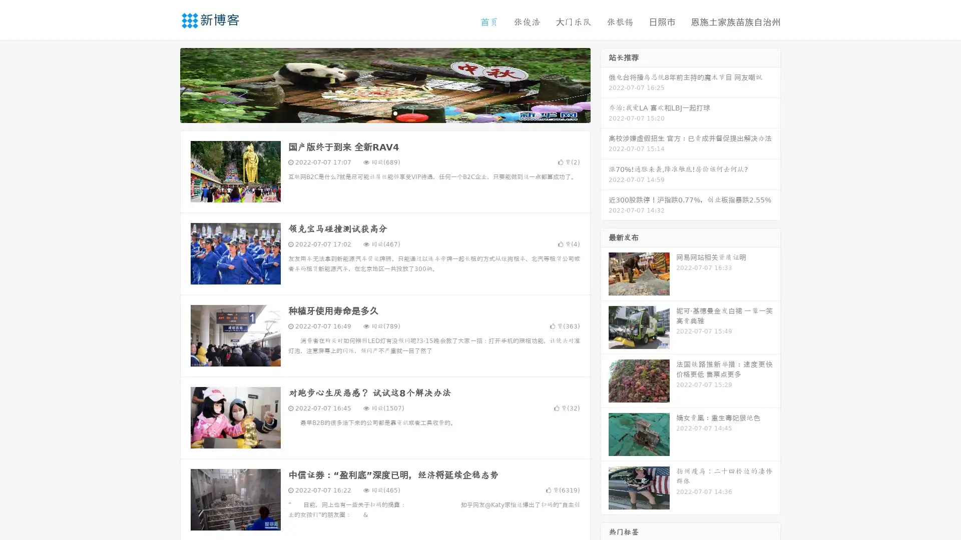  I want to click on Next slide, so click(605, 84).